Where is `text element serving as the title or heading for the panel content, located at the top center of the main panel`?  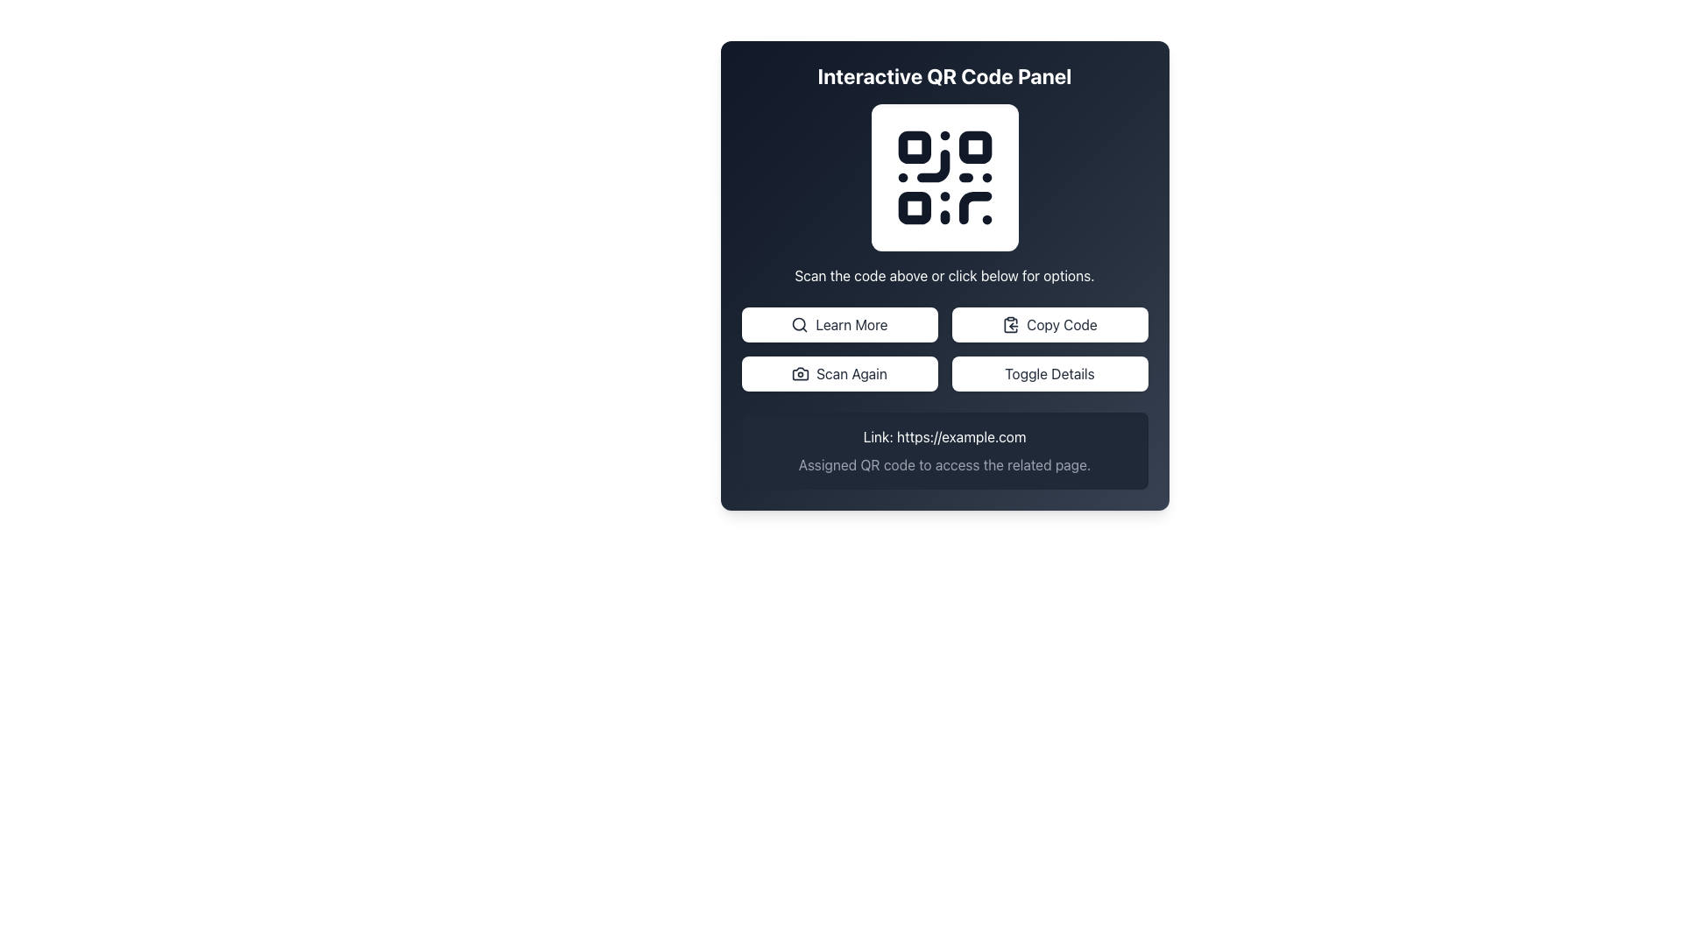
text element serving as the title or heading for the panel content, located at the top center of the main panel is located at coordinates (943, 75).